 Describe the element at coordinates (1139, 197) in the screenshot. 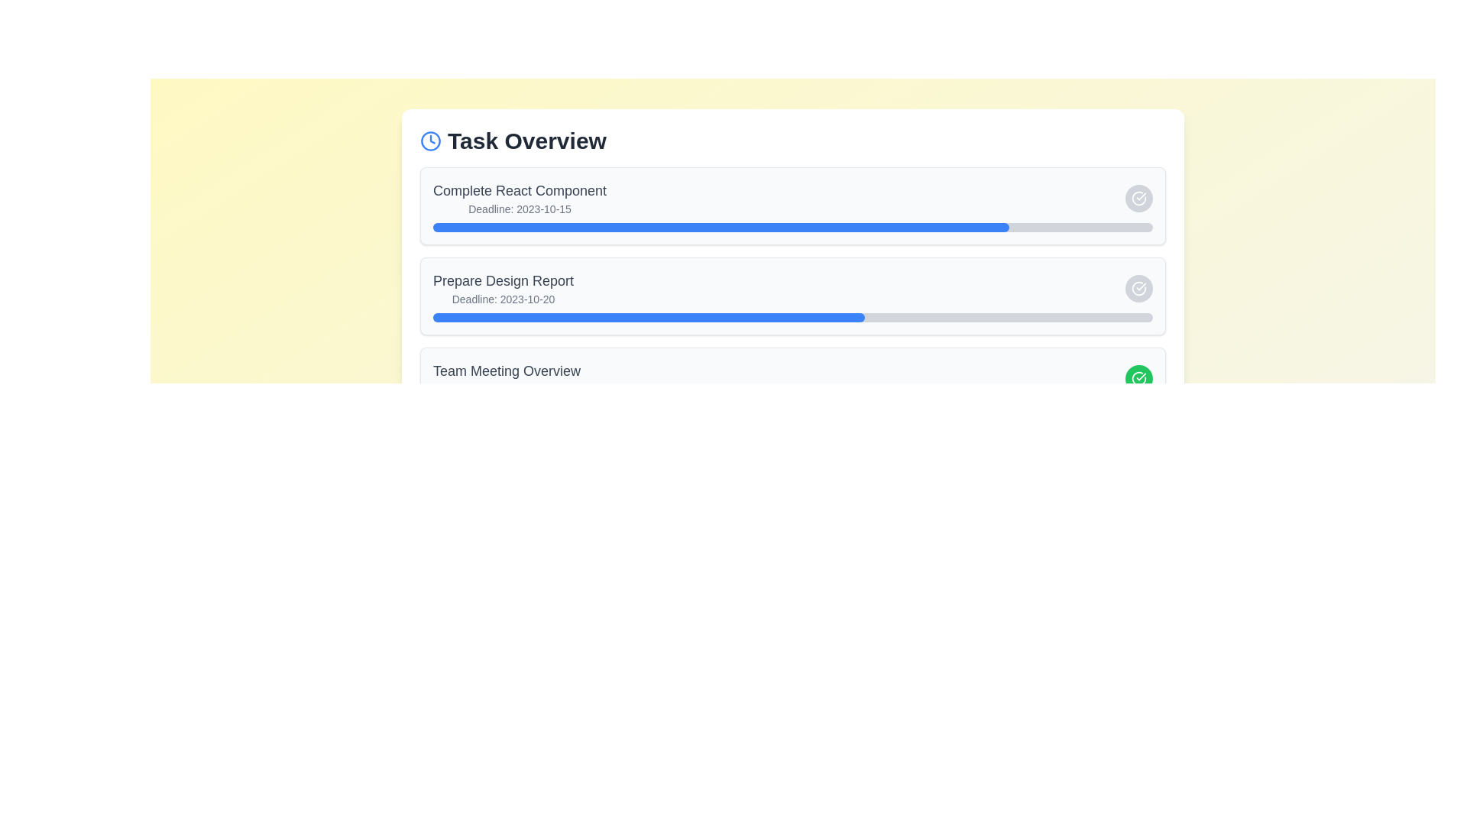

I see `the upper-left segment of the circular icon representing the 'Prepare Design Report' progress bar, which is styled with a thin white line and no fill` at that location.